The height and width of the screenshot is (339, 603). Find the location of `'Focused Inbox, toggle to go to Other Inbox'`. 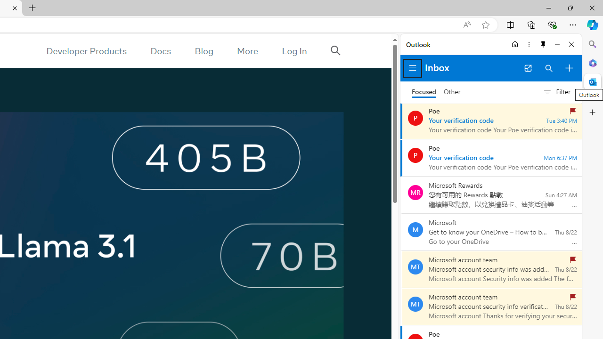

'Focused Inbox, toggle to go to Other Inbox' is located at coordinates (436, 92).